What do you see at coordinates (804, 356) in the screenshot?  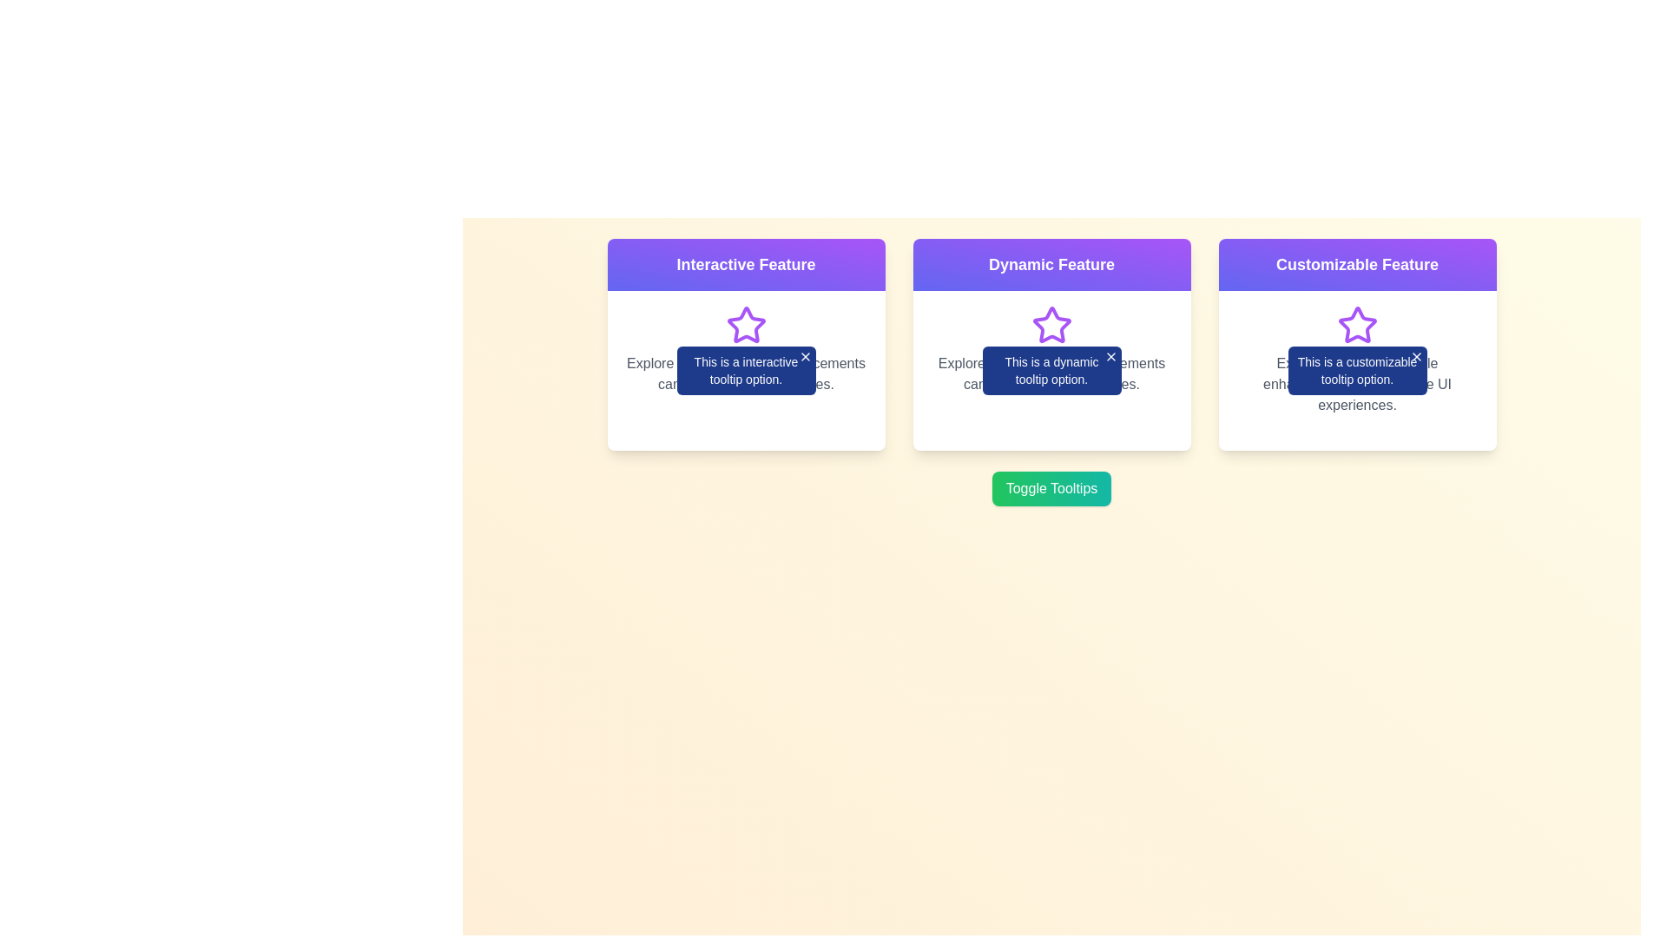 I see `the close icon button (small 'X' icon) located in the top-right corner of the tooltip labeled 'This is a interactive tooltip option'` at bounding box center [804, 356].